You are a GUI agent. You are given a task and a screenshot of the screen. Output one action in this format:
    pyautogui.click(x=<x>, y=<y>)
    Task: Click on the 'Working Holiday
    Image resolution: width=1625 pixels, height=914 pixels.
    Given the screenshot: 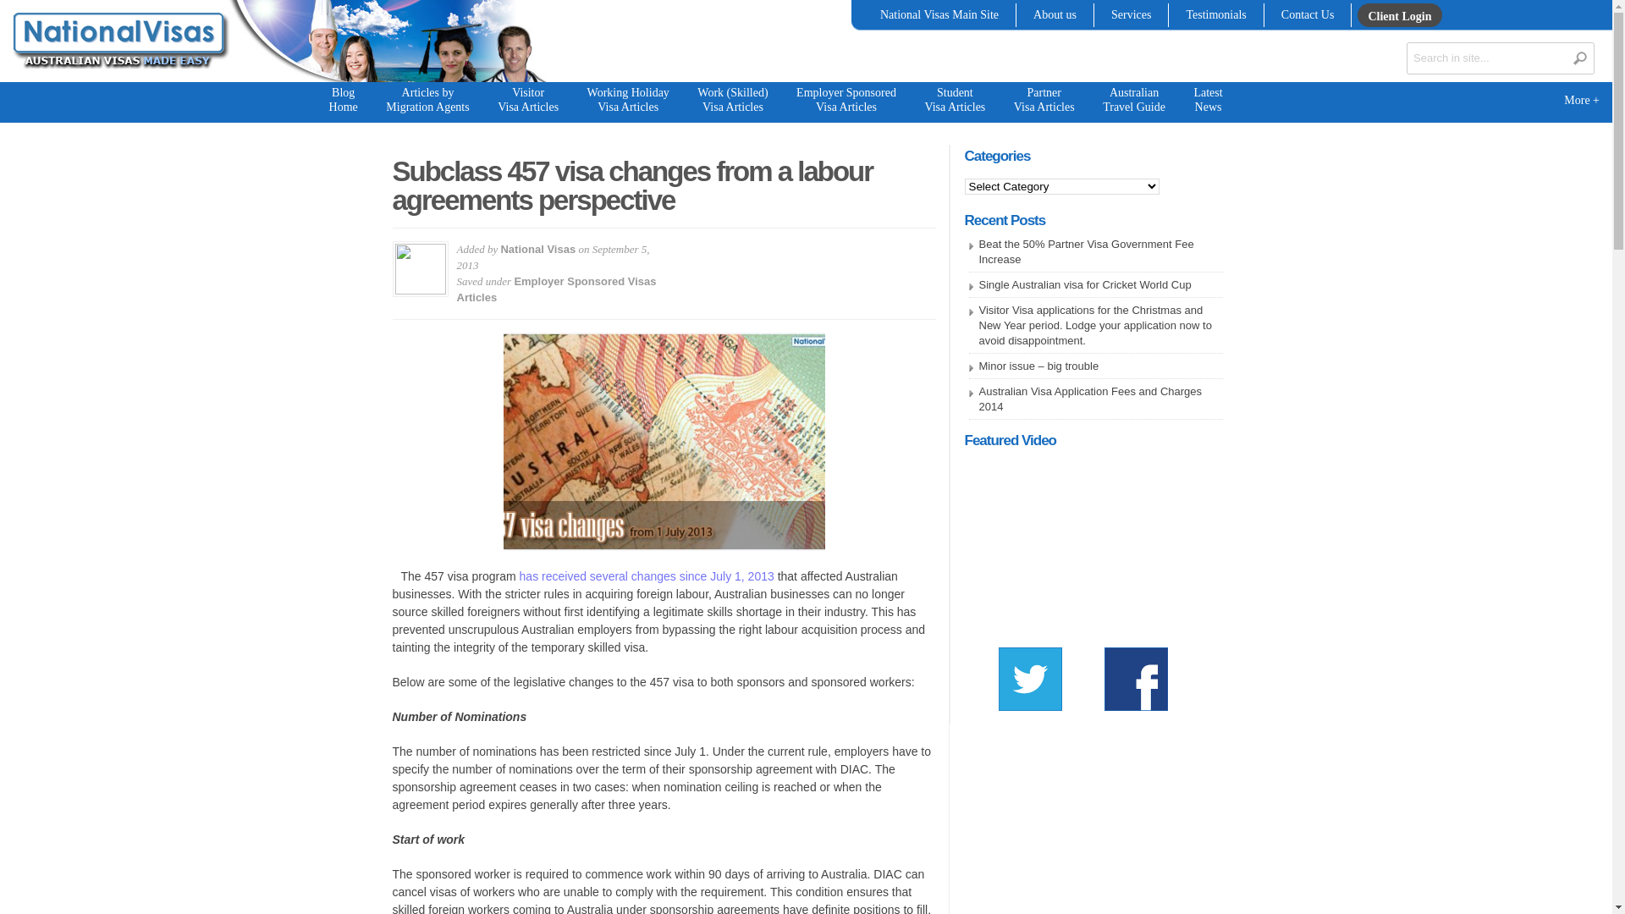 What is the action you would take?
    pyautogui.click(x=627, y=101)
    